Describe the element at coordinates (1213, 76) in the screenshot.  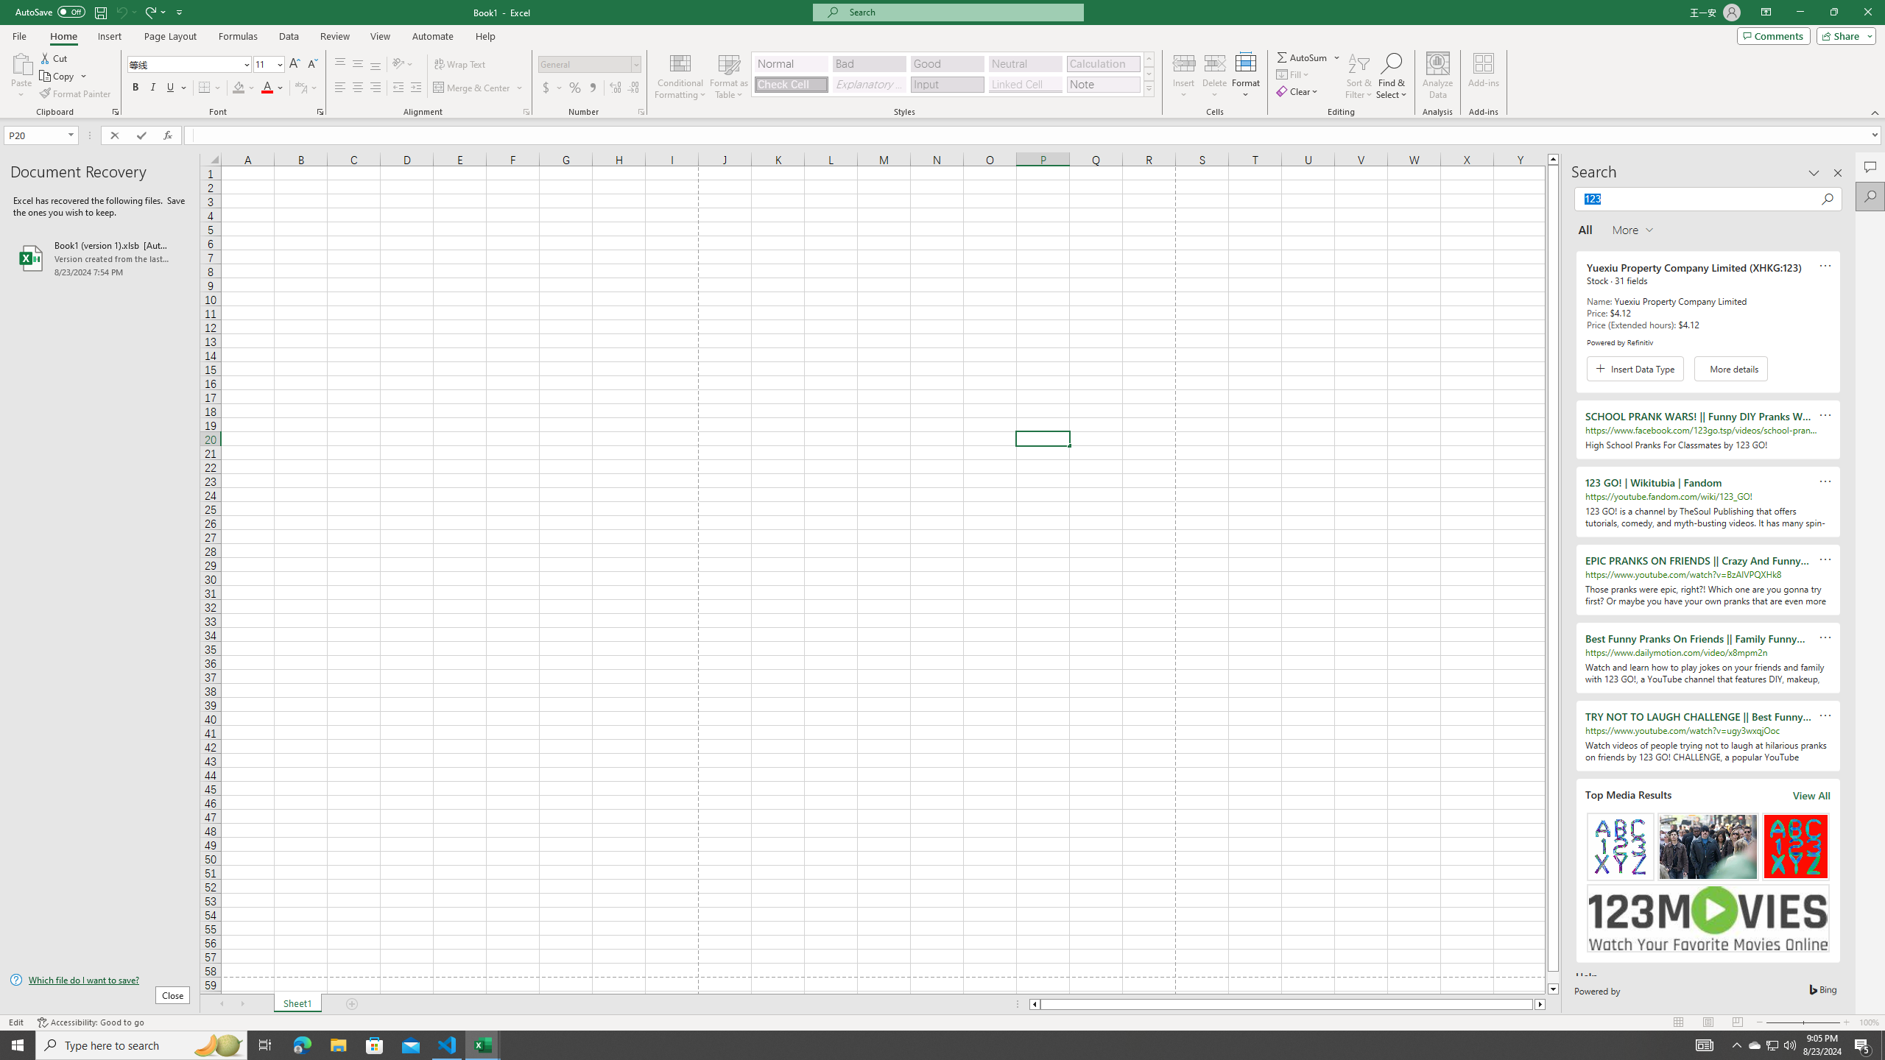
I see `'Delete'` at that location.